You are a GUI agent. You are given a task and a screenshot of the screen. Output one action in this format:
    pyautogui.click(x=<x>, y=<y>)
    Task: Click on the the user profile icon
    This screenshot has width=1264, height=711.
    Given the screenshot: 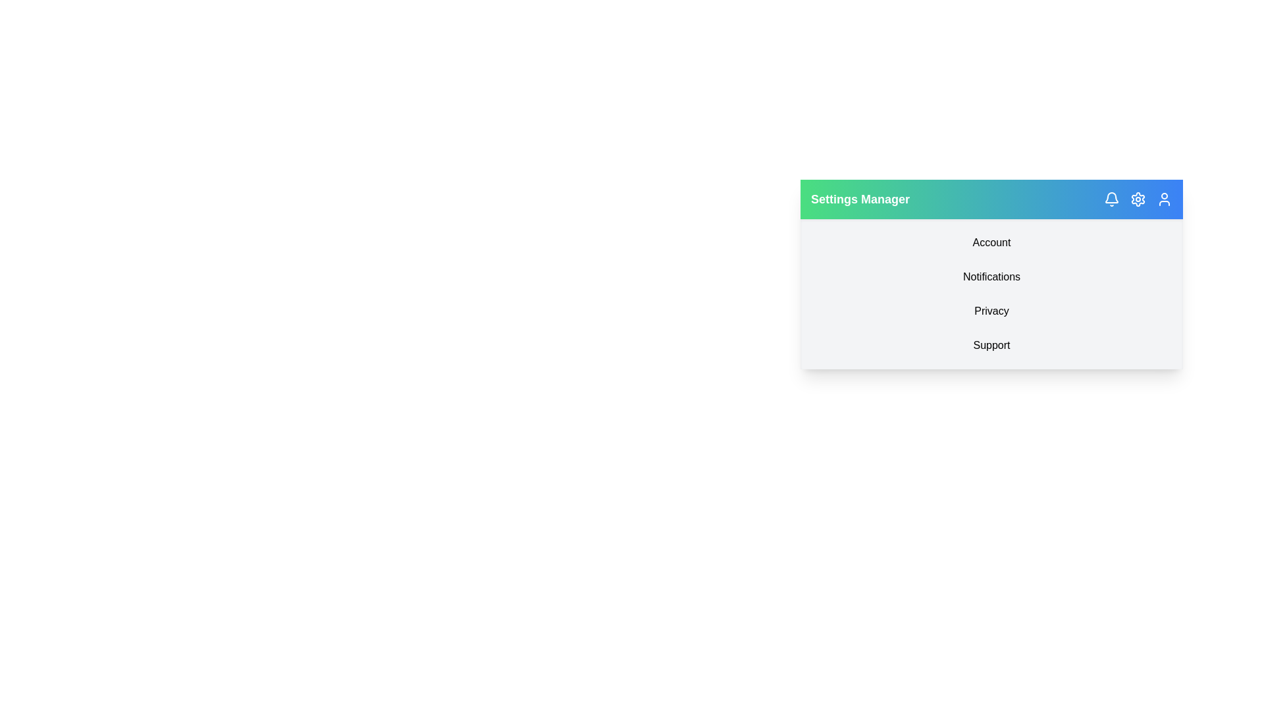 What is the action you would take?
    pyautogui.click(x=1165, y=199)
    